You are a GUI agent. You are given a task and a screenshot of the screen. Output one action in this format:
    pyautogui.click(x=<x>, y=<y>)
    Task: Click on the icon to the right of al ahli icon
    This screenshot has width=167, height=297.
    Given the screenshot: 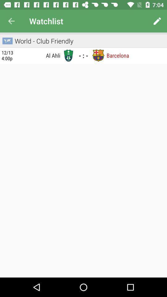 What is the action you would take?
    pyautogui.click(x=68, y=55)
    